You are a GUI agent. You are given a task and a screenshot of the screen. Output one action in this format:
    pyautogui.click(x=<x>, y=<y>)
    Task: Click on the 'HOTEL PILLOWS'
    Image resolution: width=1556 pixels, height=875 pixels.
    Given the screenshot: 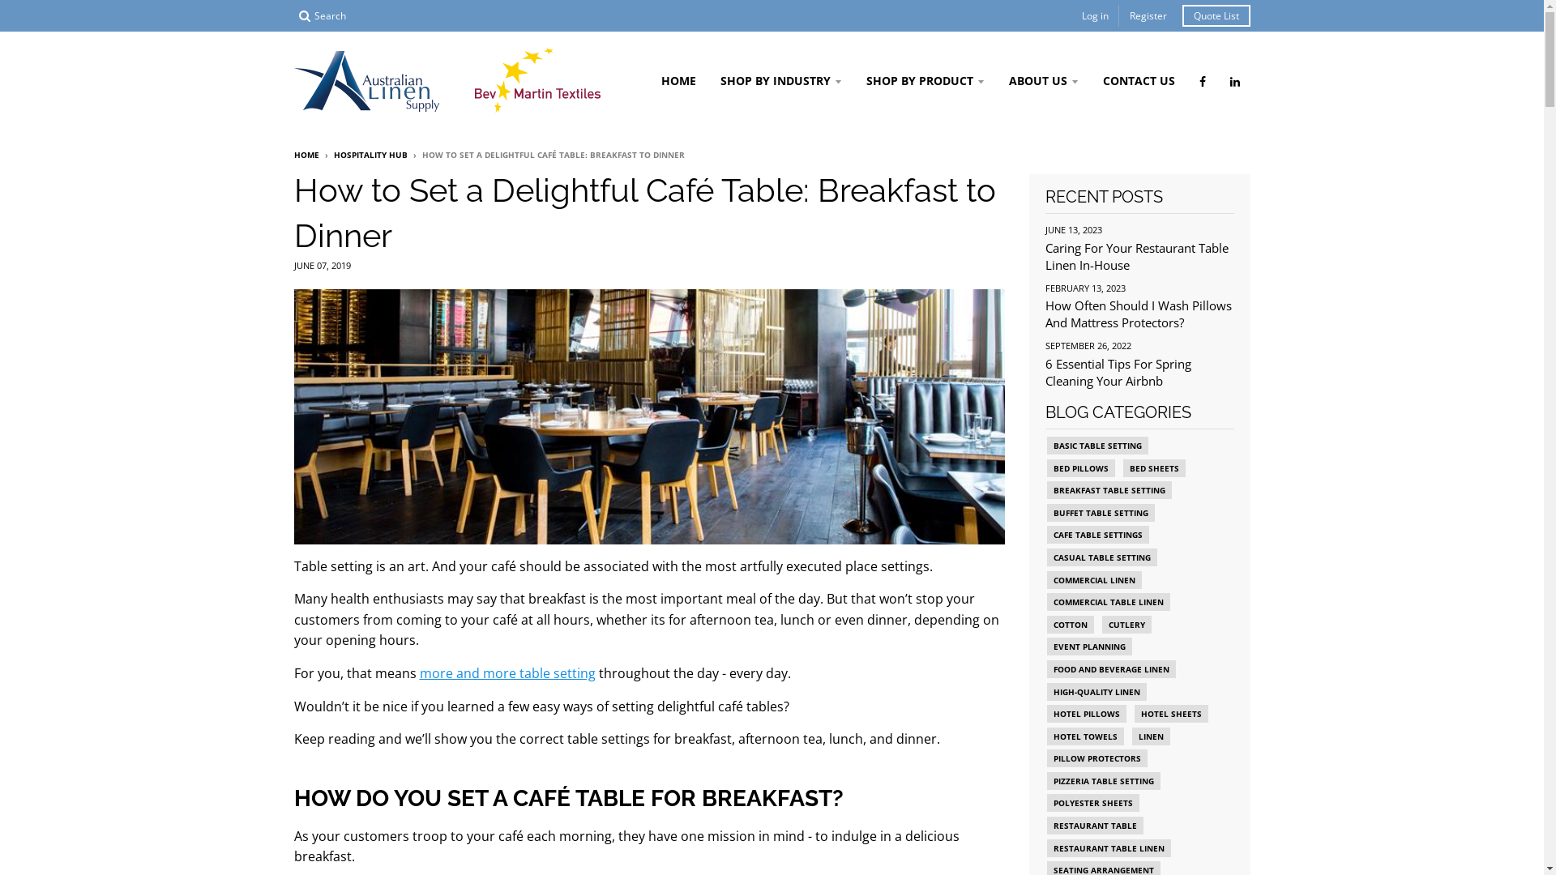 What is the action you would take?
    pyautogui.click(x=1051, y=712)
    